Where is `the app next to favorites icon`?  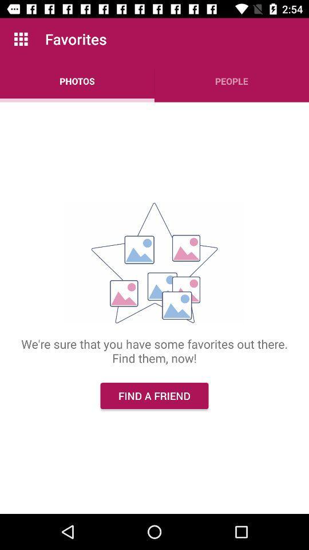
the app next to favorites icon is located at coordinates (21, 39).